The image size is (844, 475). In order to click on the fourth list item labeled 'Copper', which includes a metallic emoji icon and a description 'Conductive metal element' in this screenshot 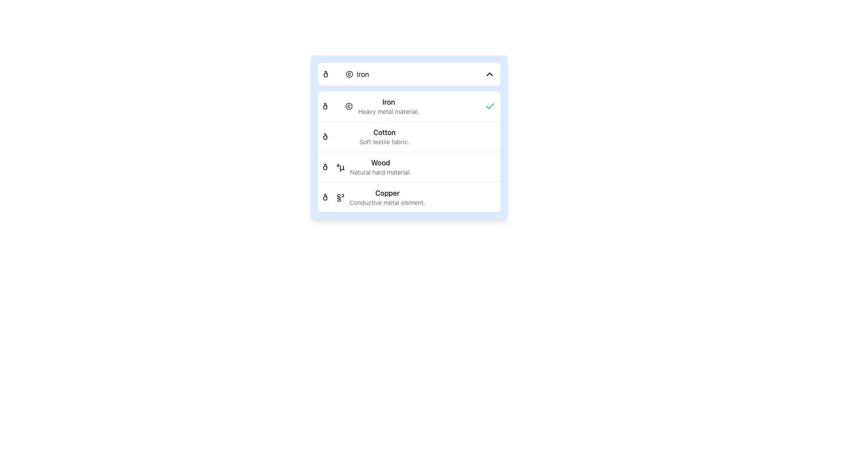, I will do `click(408, 197)`.